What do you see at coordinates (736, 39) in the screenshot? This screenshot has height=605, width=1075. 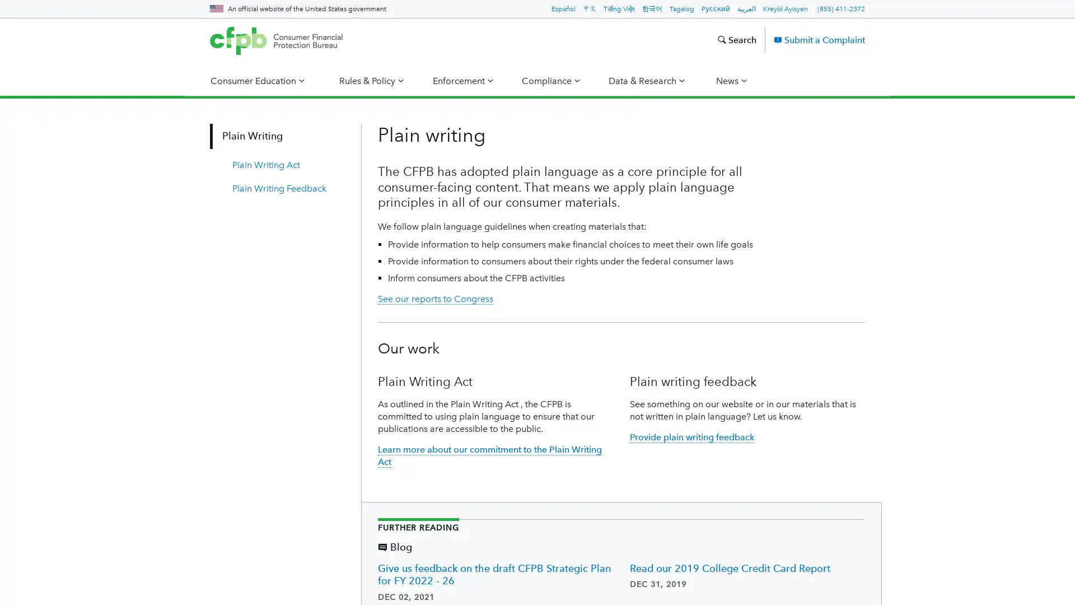 I see `Search the consumerfinance.gov website` at bounding box center [736, 39].